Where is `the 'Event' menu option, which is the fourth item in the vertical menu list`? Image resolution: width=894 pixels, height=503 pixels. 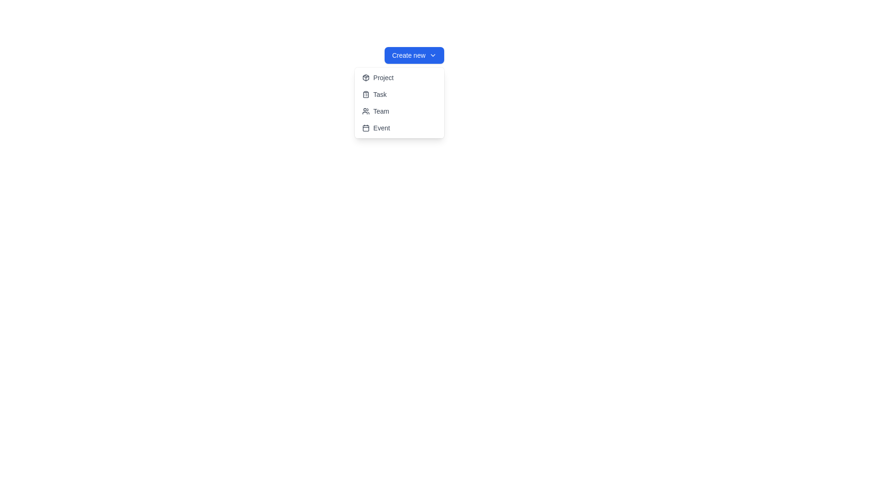 the 'Event' menu option, which is the fourth item in the vertical menu list is located at coordinates (399, 128).